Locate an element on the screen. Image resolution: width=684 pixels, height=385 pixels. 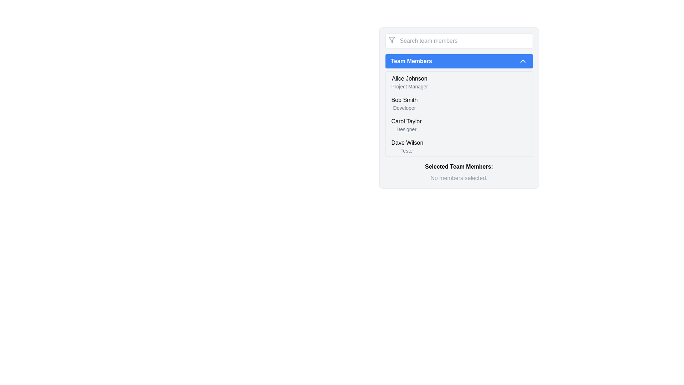
the name 'Bob Smith' and role 'Developer' details in the second list item under the 'Team Members' section is located at coordinates (404, 103).